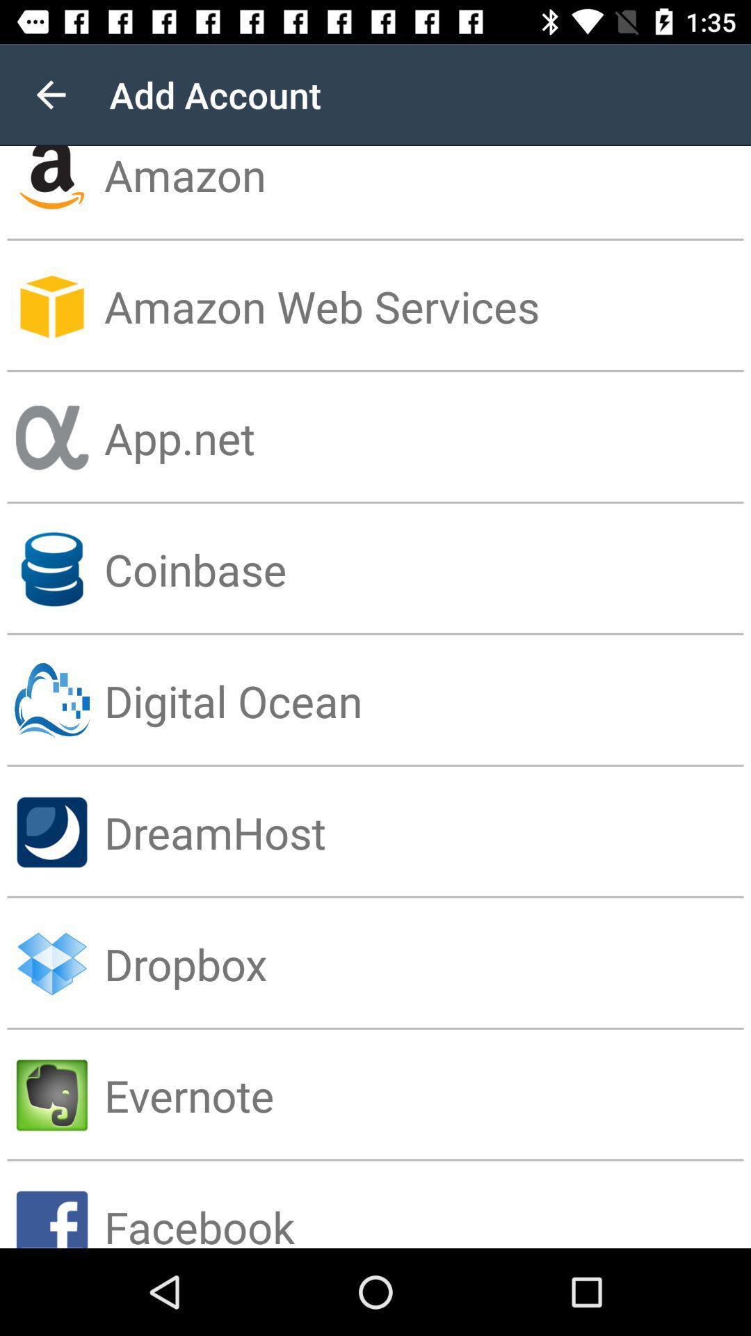 Image resolution: width=751 pixels, height=1336 pixels. What do you see at coordinates (426, 701) in the screenshot?
I see `item above the dreamhost` at bounding box center [426, 701].